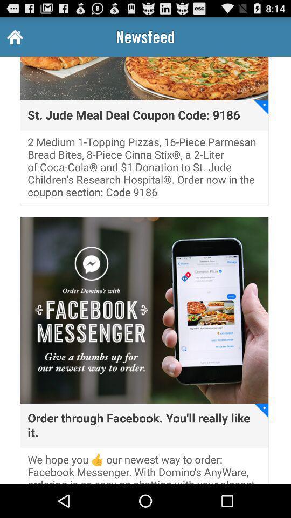  What do you see at coordinates (144, 468) in the screenshot?
I see `the we hope you app` at bounding box center [144, 468].